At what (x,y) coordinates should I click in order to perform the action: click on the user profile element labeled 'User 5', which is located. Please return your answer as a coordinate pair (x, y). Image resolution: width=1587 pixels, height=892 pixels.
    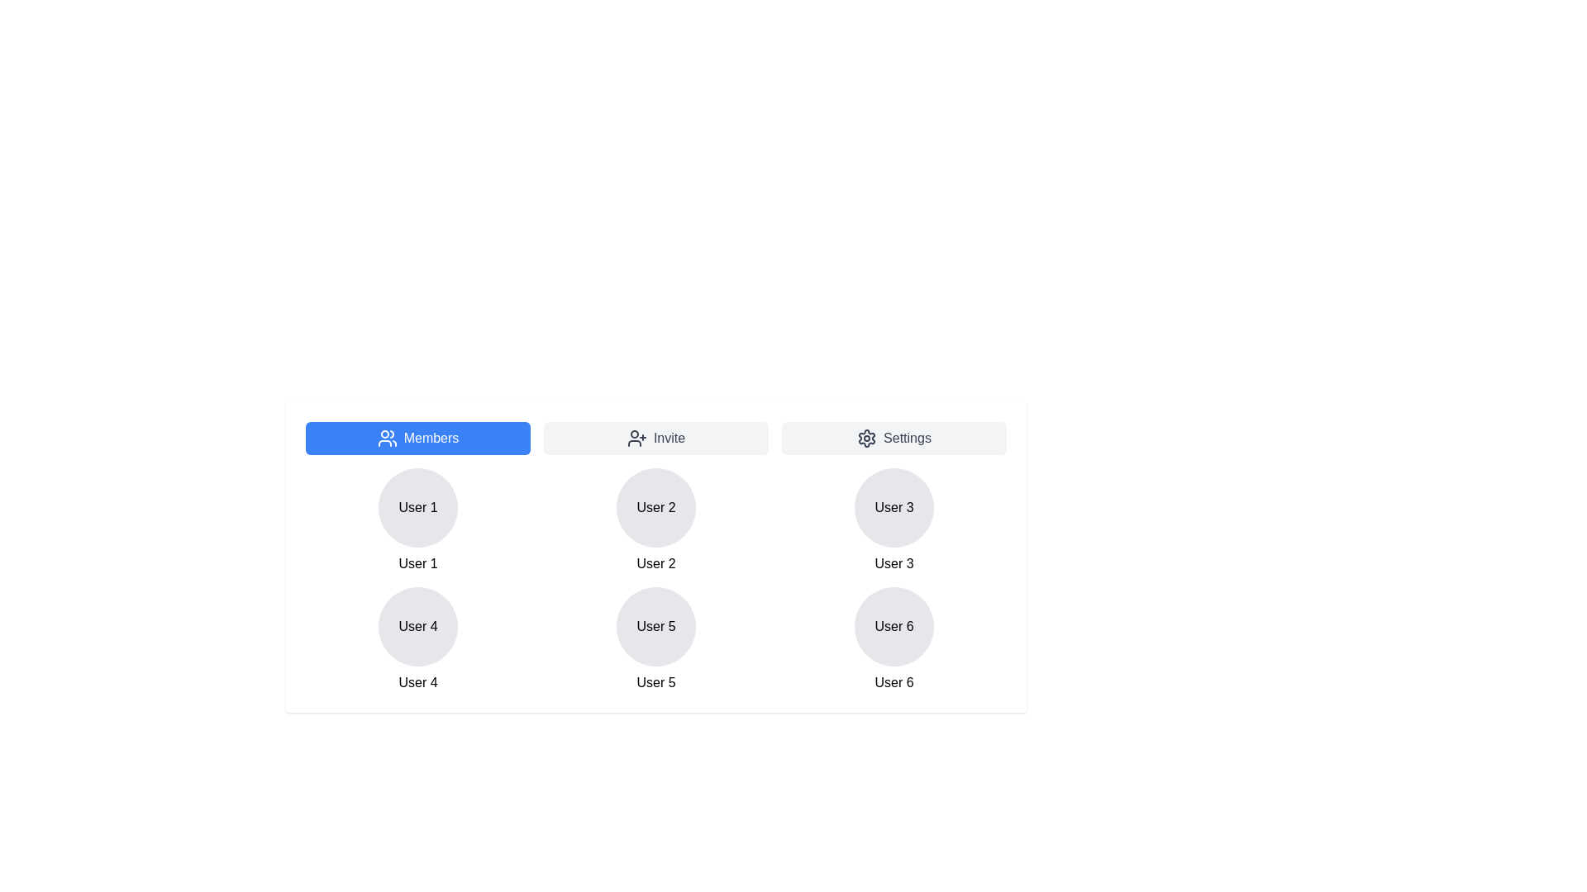
    Looking at the image, I should click on (655, 639).